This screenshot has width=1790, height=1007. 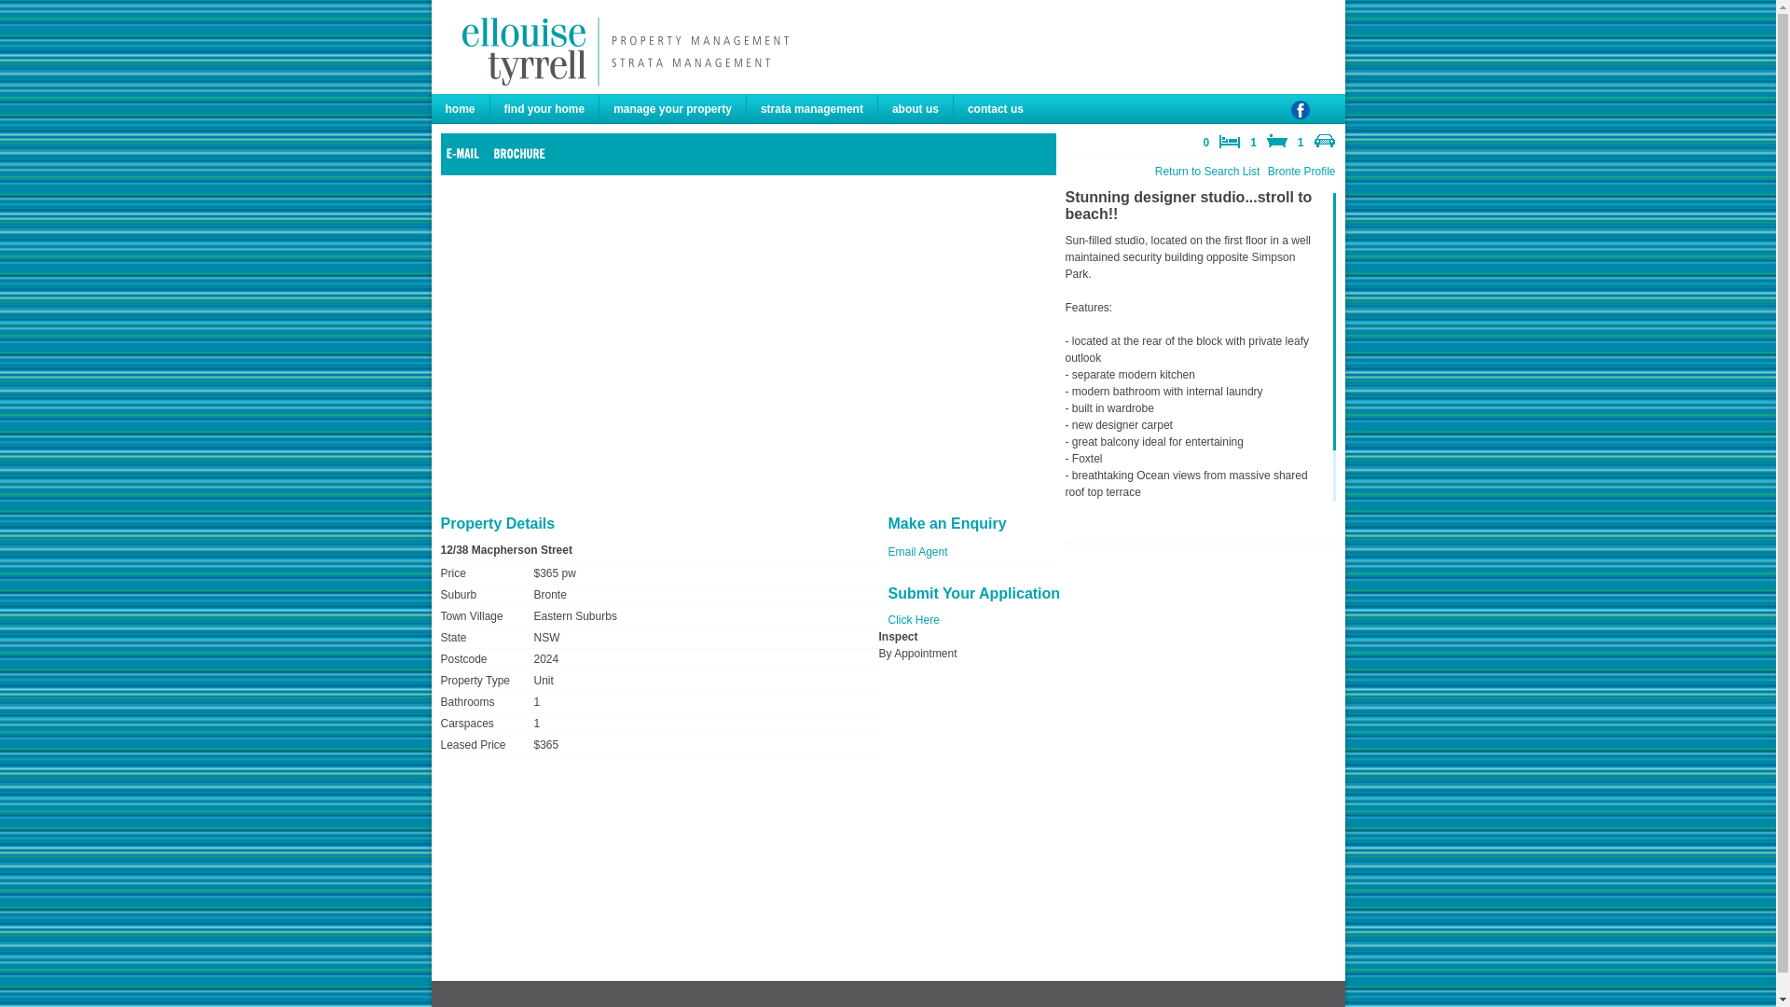 What do you see at coordinates (886, 619) in the screenshot?
I see `'Click Here'` at bounding box center [886, 619].